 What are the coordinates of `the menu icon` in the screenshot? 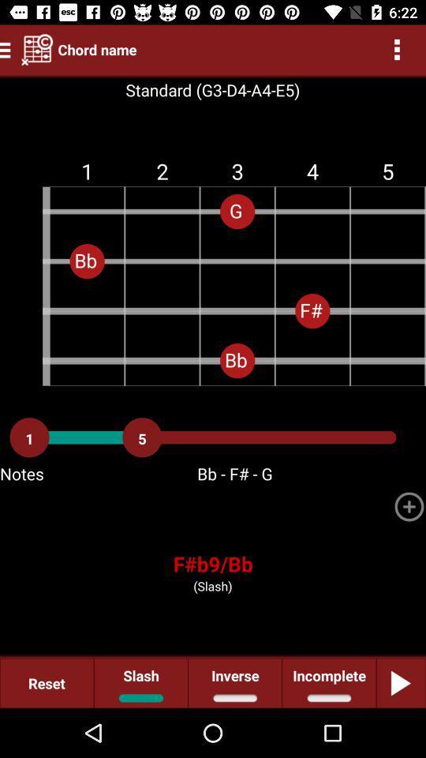 It's located at (7, 49).